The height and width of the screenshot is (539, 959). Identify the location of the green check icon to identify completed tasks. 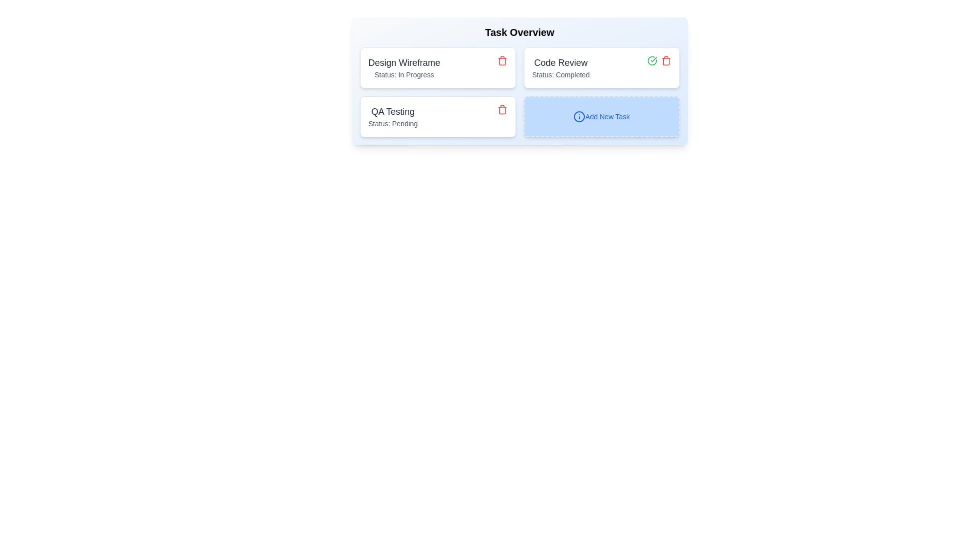
(652, 61).